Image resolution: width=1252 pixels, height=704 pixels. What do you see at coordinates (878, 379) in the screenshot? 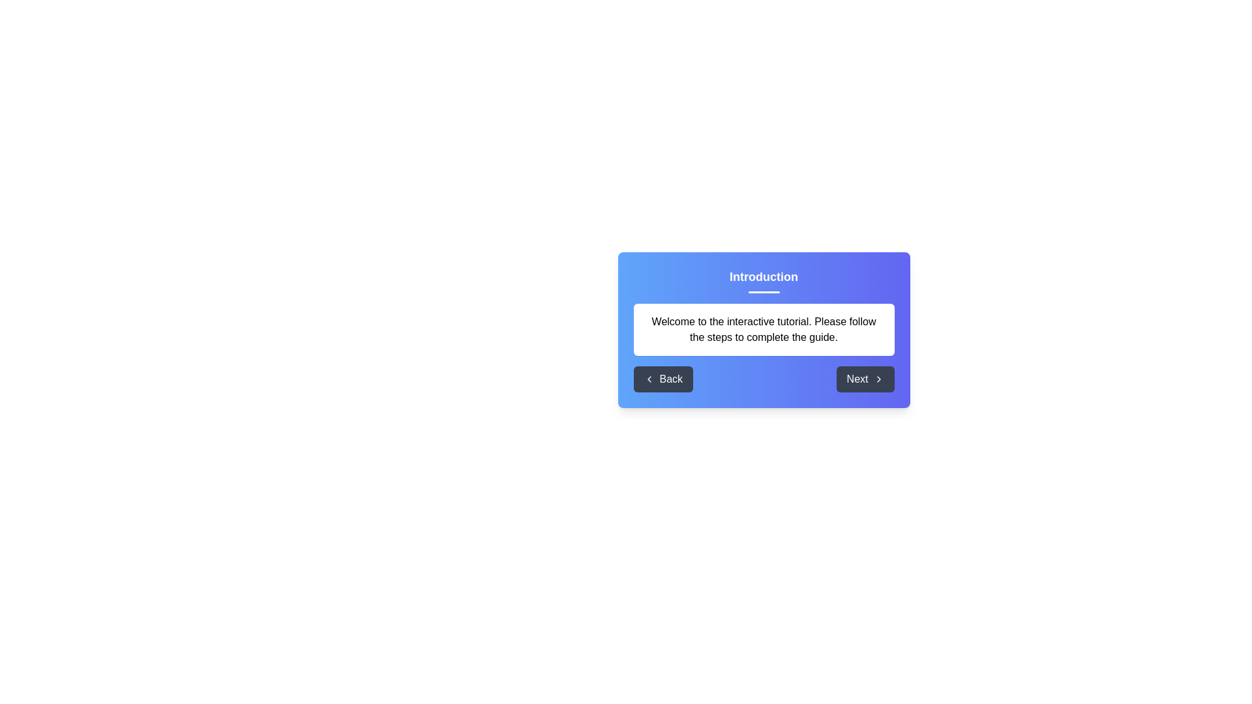
I see `the 'Next' button located in the bottom right of the dialog box, which contains the chevron icon indicating progression` at bounding box center [878, 379].